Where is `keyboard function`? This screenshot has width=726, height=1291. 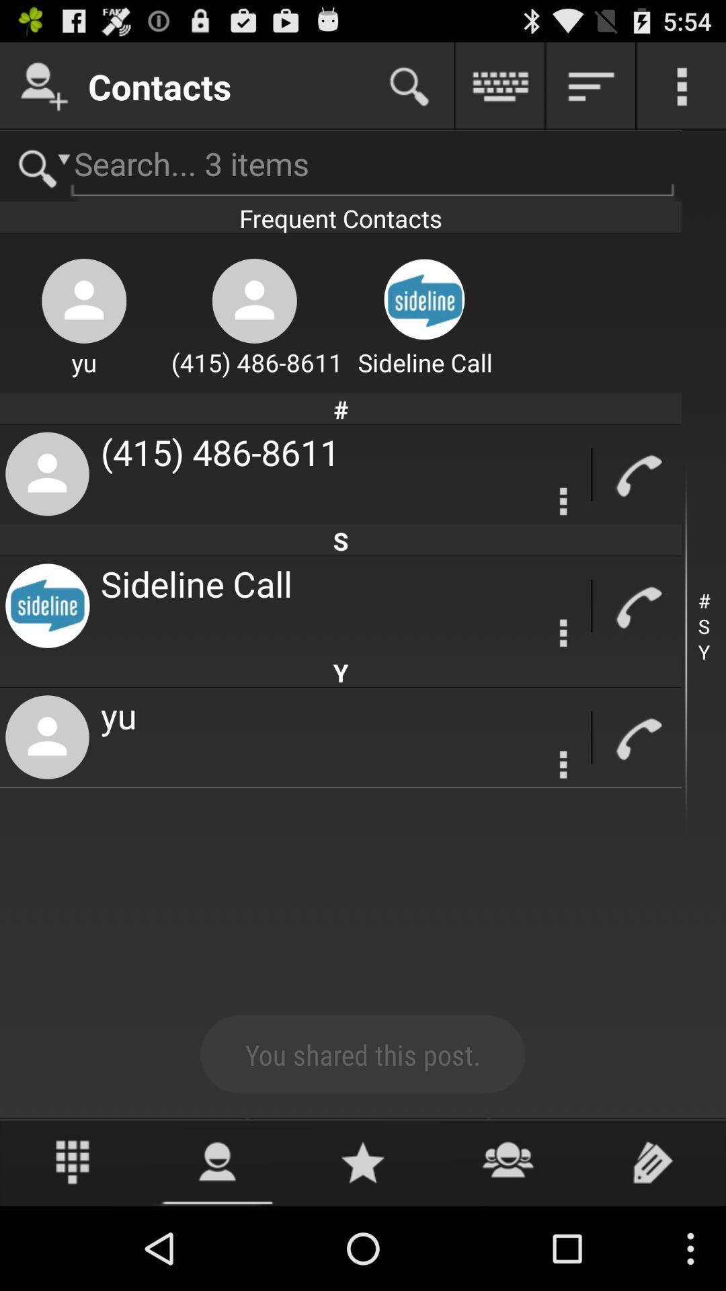 keyboard function is located at coordinates (500, 85).